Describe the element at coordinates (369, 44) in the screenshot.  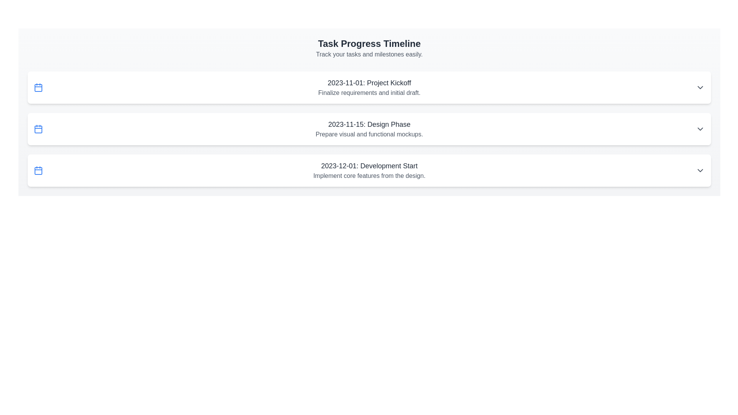
I see `the header text label that indicates the task progress timeline, located at the top of the interface` at that location.